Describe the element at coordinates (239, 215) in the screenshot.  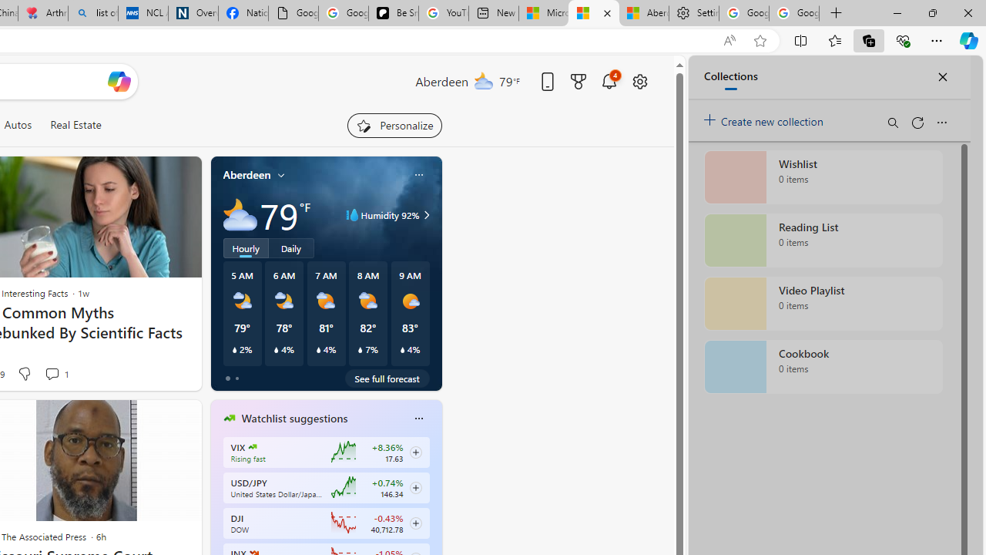
I see `'Mostly cloudy'` at that location.